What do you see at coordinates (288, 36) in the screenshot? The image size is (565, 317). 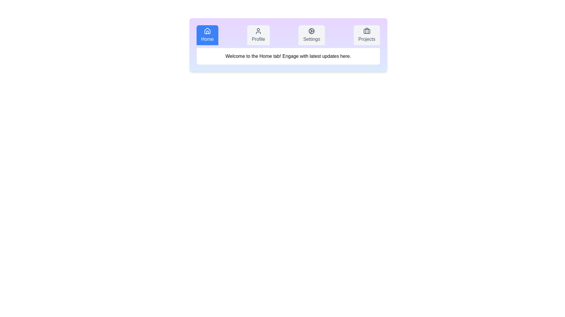 I see `the navigation bar component` at bounding box center [288, 36].